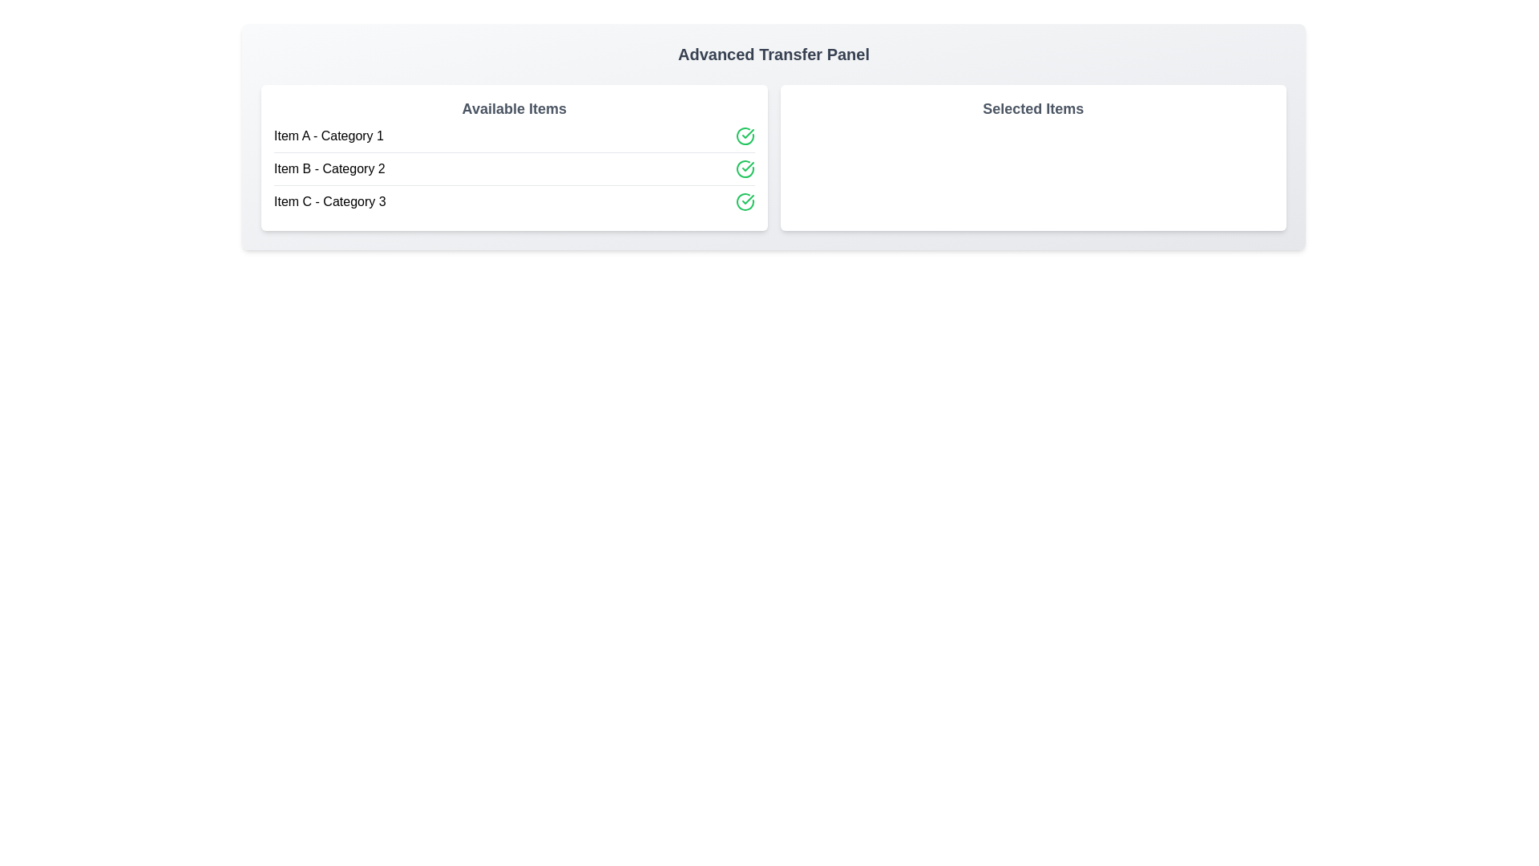  I want to click on the confirmation marker icon for 'Item B - Category 2' located in the 'Available Items' section, positioned to the far right of the row, so click(744, 135).